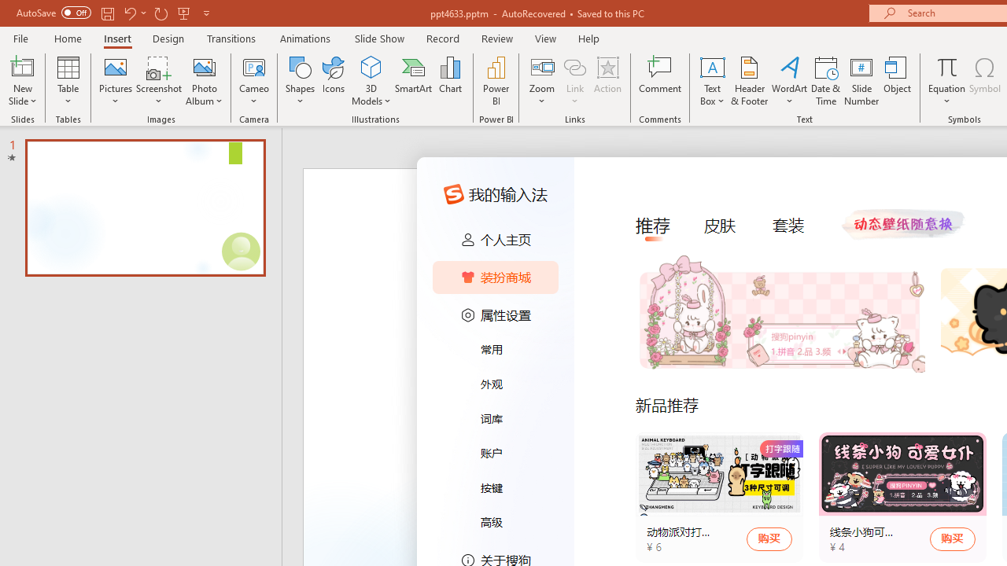 The height and width of the screenshot is (566, 1007). Describe the element at coordinates (790, 81) in the screenshot. I see `'WordArt'` at that location.